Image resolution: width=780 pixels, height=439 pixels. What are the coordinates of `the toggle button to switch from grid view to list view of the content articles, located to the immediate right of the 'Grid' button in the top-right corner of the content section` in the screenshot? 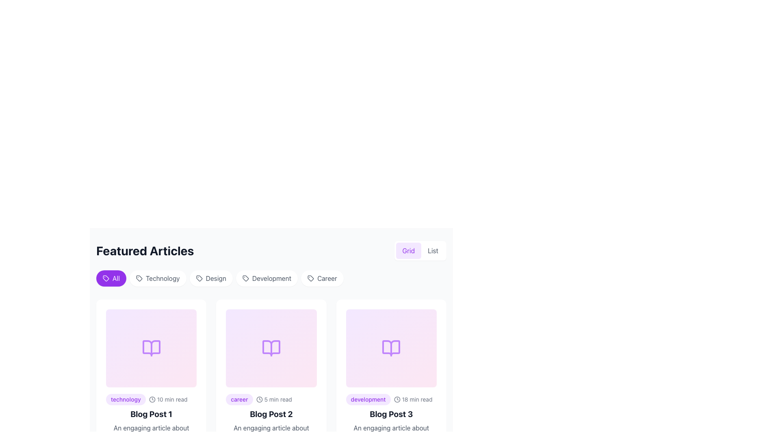 It's located at (432, 250).